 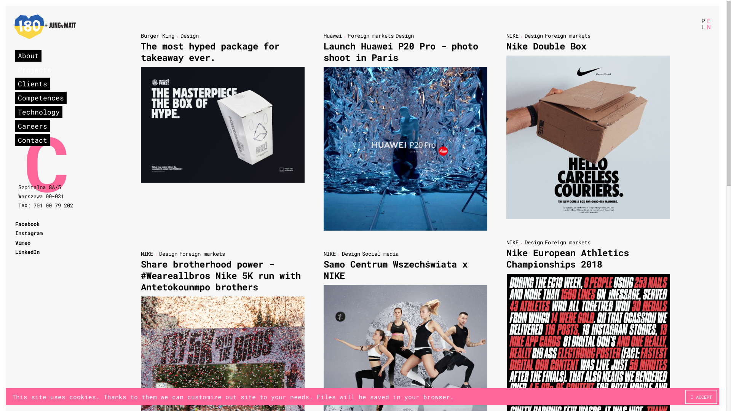 I want to click on 'I ACCEPT', so click(x=701, y=397).